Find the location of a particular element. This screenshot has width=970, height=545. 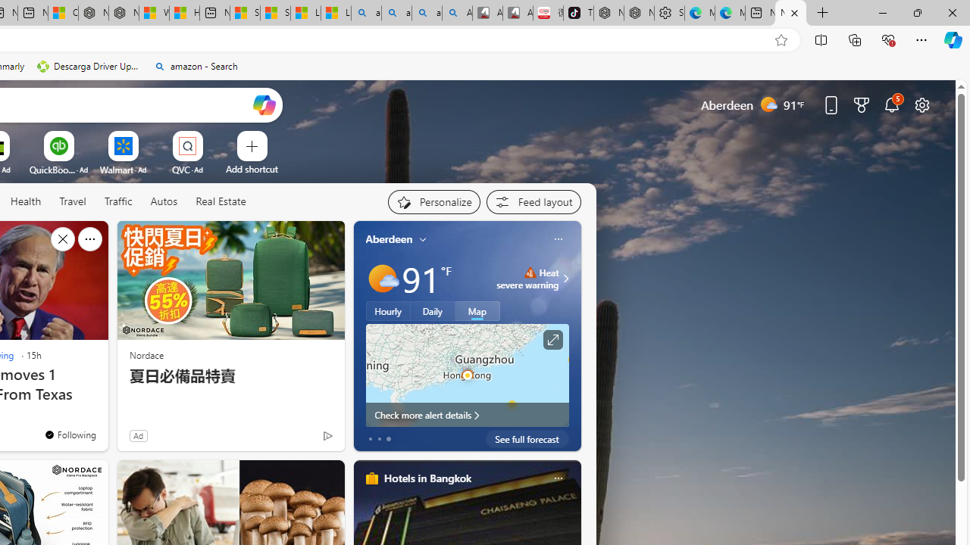

'tab-2' is located at coordinates (388, 438).